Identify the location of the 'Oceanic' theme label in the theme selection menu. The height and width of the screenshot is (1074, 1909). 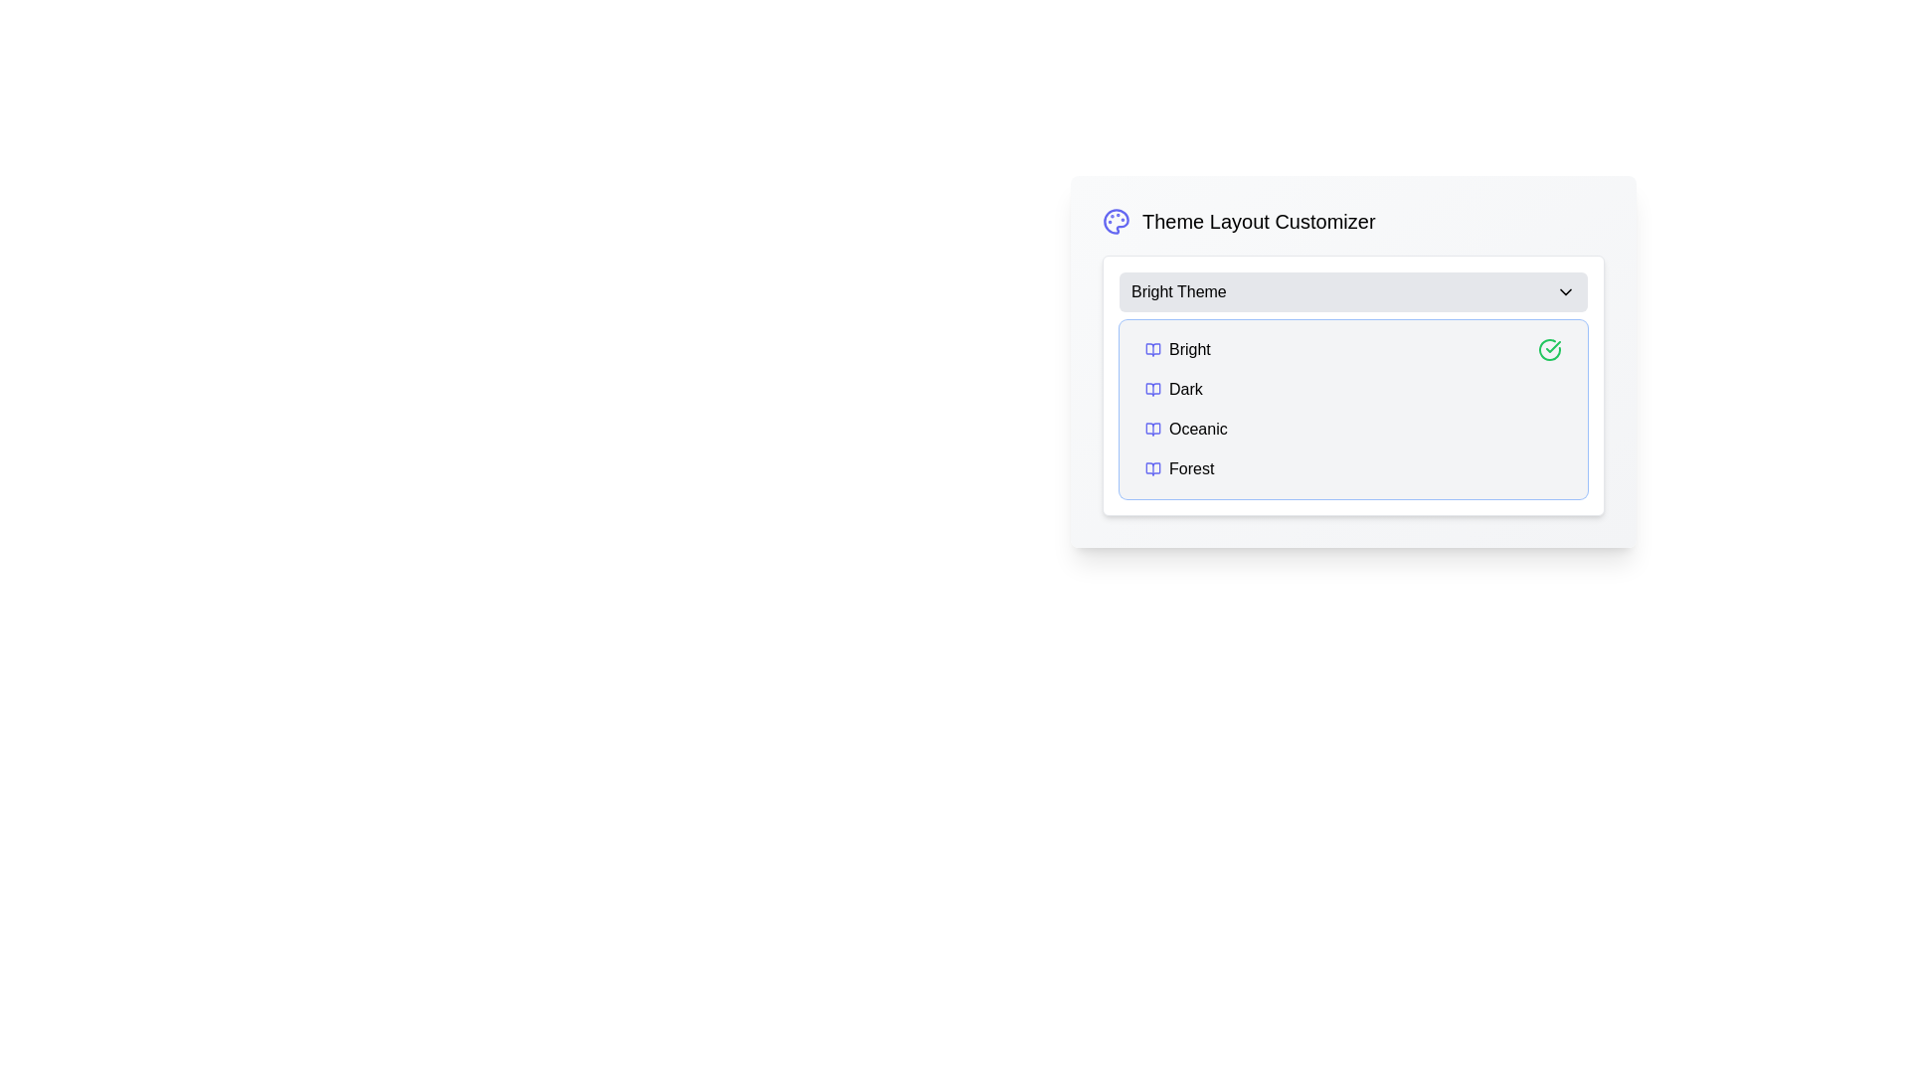
(1197, 429).